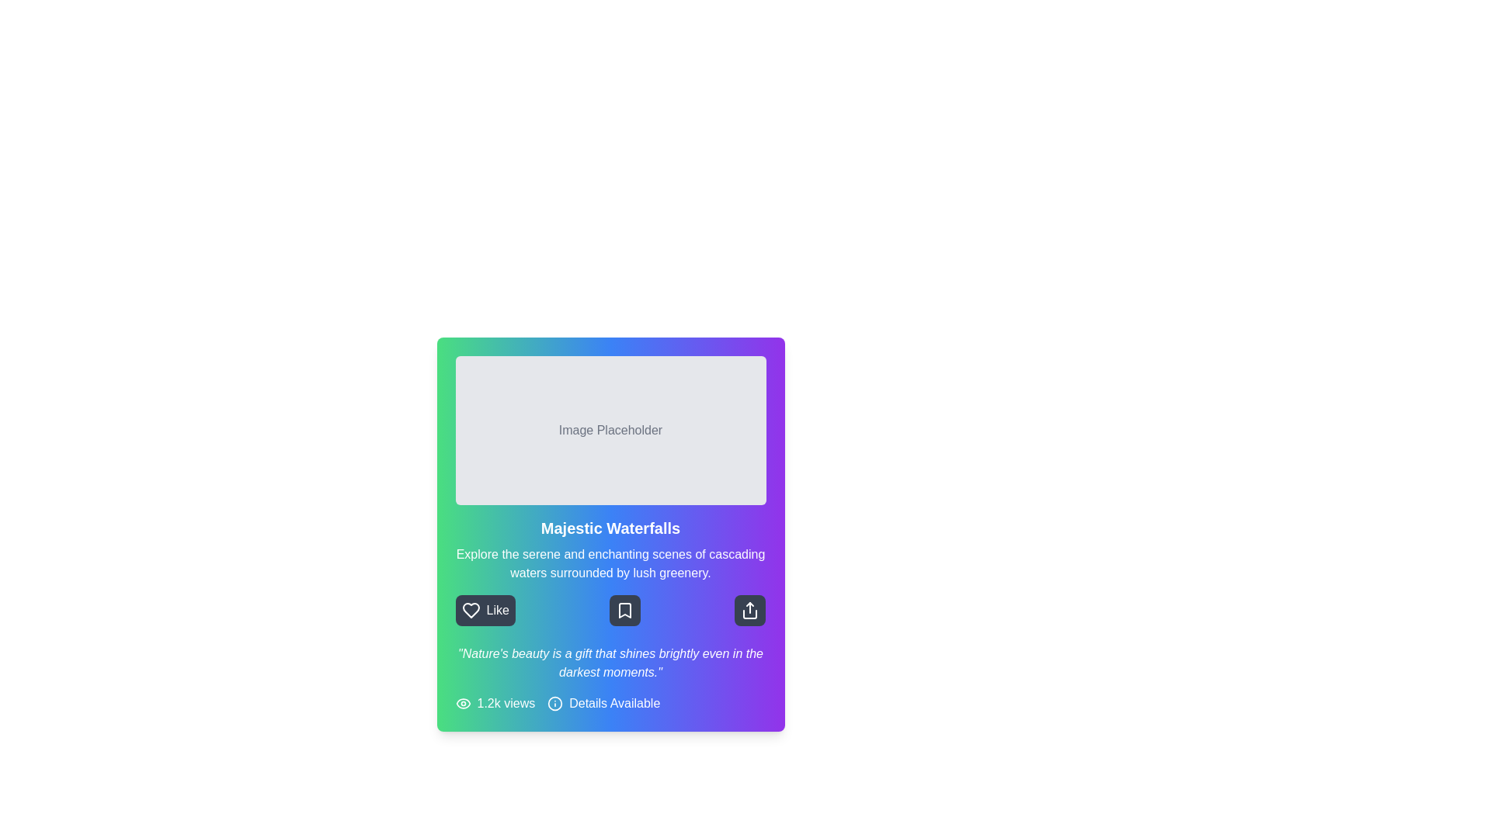 The height and width of the screenshot is (838, 1491). I want to click on the bookmark icon, which is the second icon from the left in the bottom-center action row of the card layout, to bookmark the content for future reference, so click(625, 609).